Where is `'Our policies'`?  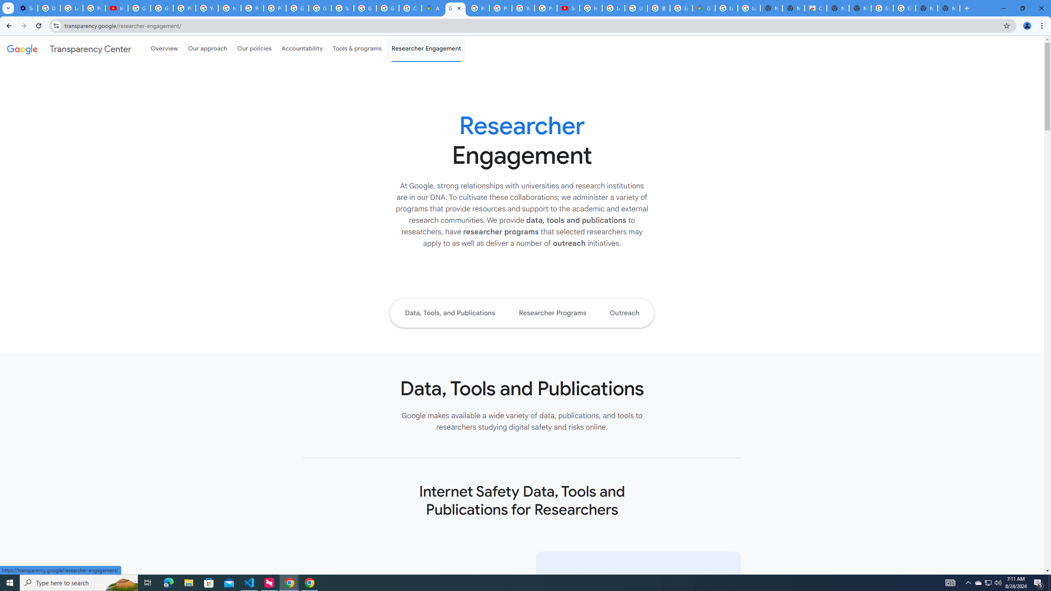
'Our policies' is located at coordinates (254, 48).